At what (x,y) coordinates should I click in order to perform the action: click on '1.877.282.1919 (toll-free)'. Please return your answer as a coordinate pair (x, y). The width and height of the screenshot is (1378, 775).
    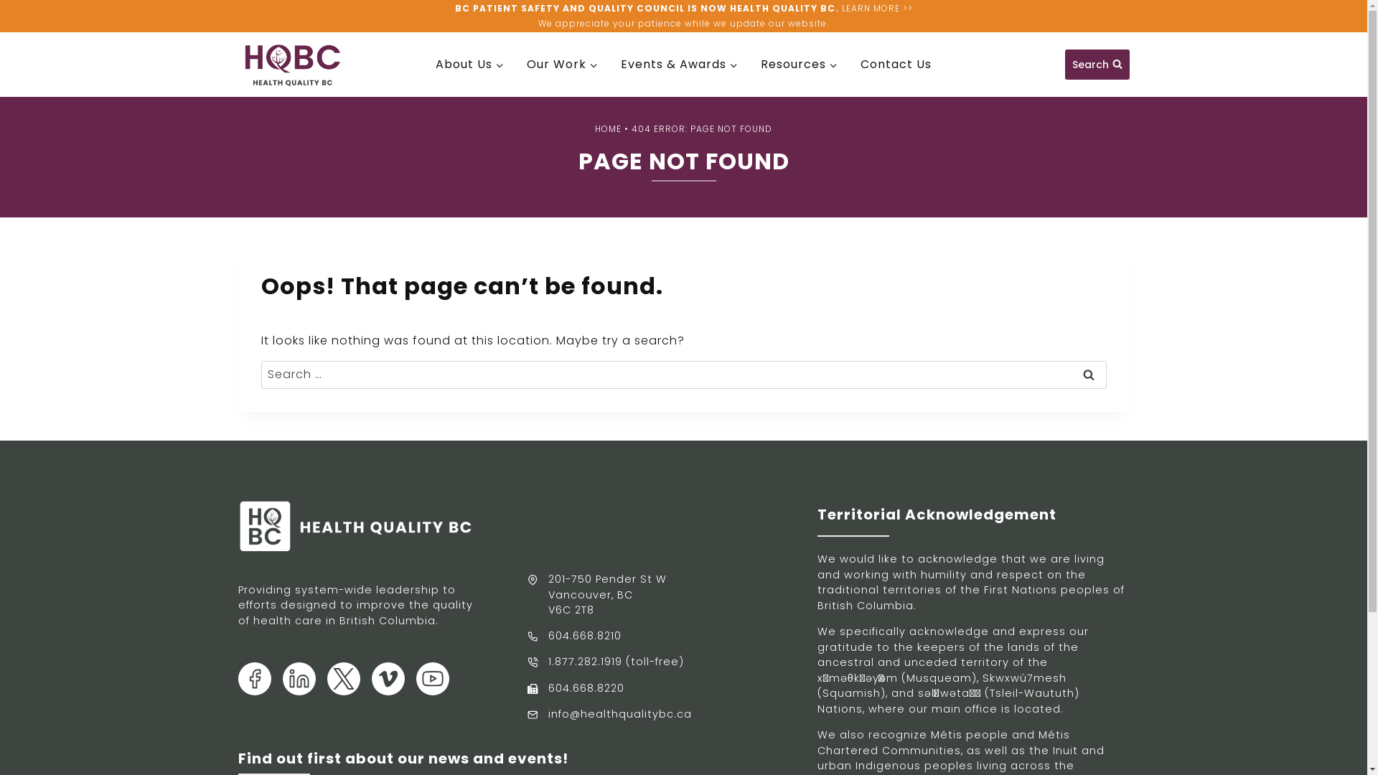
    Looking at the image, I should click on (605, 662).